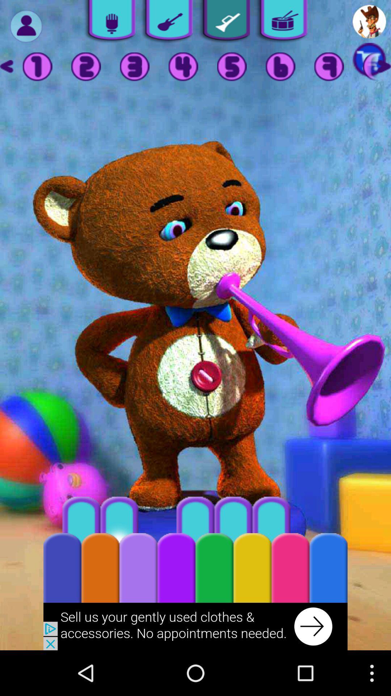  What do you see at coordinates (369, 64) in the screenshot?
I see `the cart icon` at bounding box center [369, 64].